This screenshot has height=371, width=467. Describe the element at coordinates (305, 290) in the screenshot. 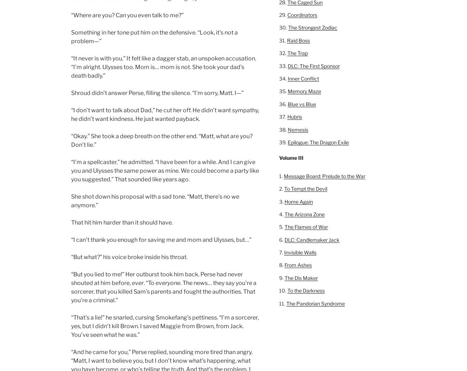

I see `'To the Darkness'` at that location.